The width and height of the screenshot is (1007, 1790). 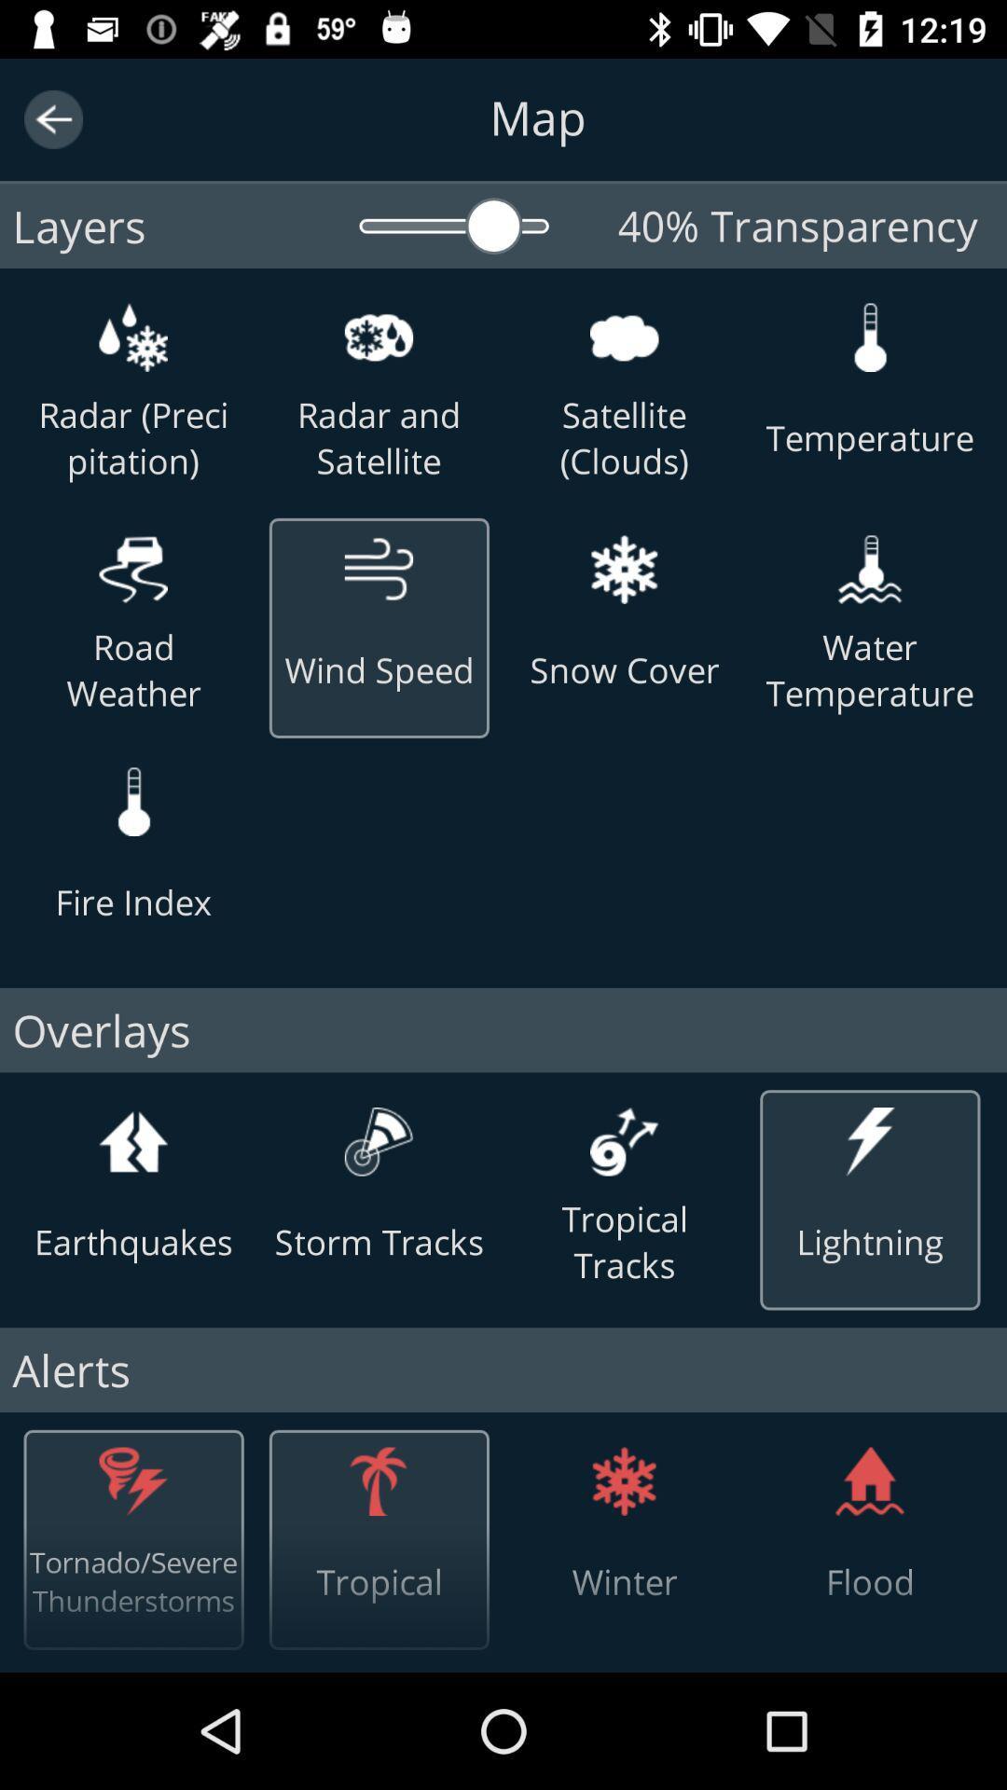 I want to click on the icon above wind speed, so click(x=378, y=569).